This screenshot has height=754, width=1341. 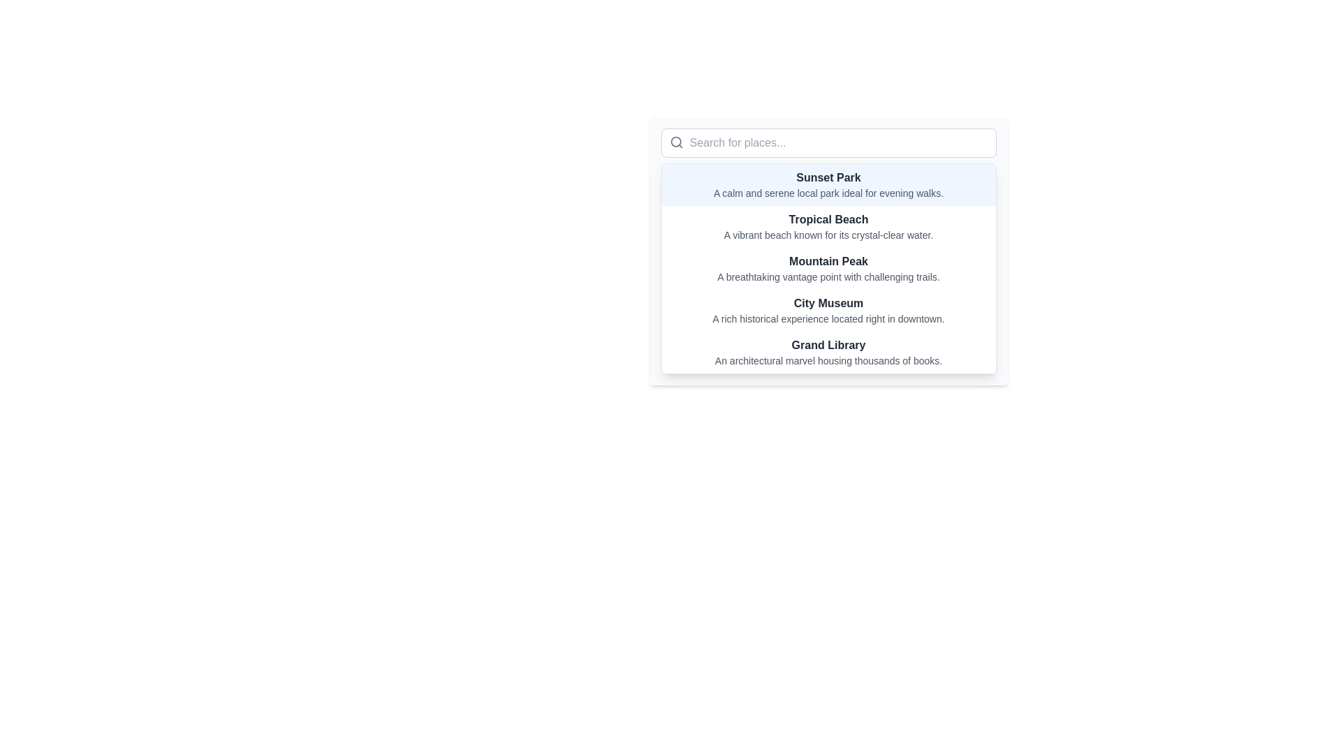 What do you see at coordinates (828, 303) in the screenshot?
I see `text label displaying 'City Museum' which is styled in bold dark gray and positioned as the first option in a vertically stacked list` at bounding box center [828, 303].